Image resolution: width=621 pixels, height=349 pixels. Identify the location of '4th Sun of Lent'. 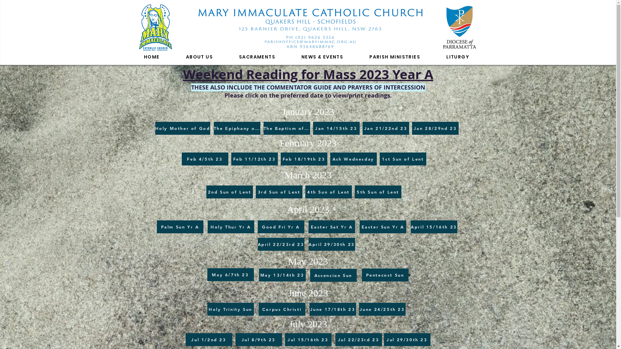
(329, 192).